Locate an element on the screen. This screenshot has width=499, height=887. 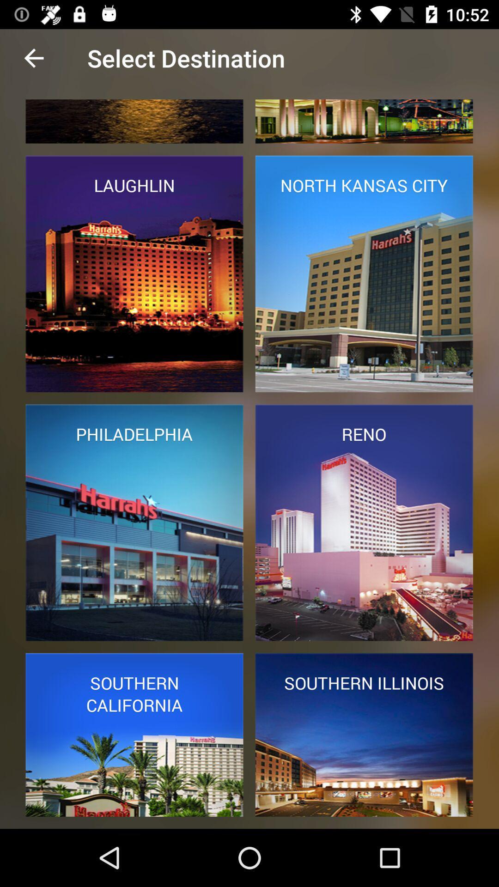
the image which is below the image north kansas city is located at coordinates (364, 522).